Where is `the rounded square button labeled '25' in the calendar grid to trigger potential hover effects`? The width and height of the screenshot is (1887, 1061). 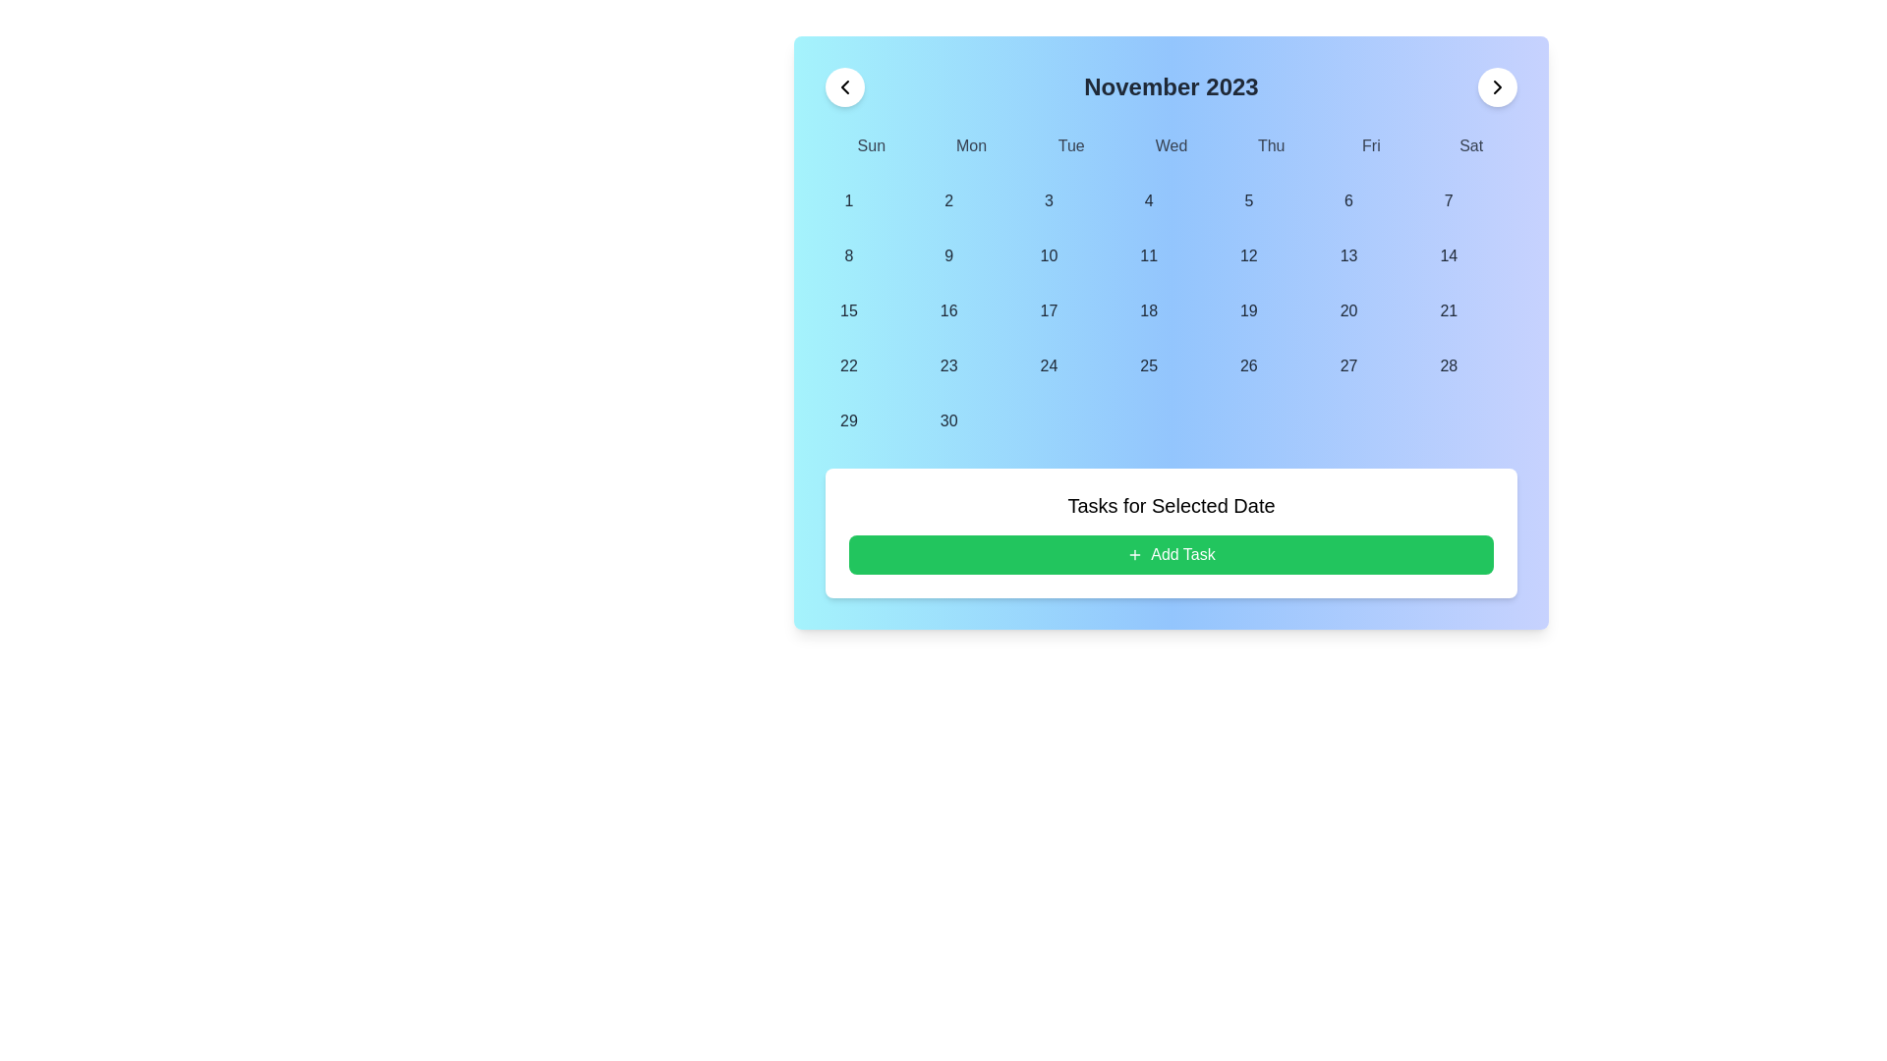 the rounded square button labeled '25' in the calendar grid to trigger potential hover effects is located at coordinates (1149, 366).